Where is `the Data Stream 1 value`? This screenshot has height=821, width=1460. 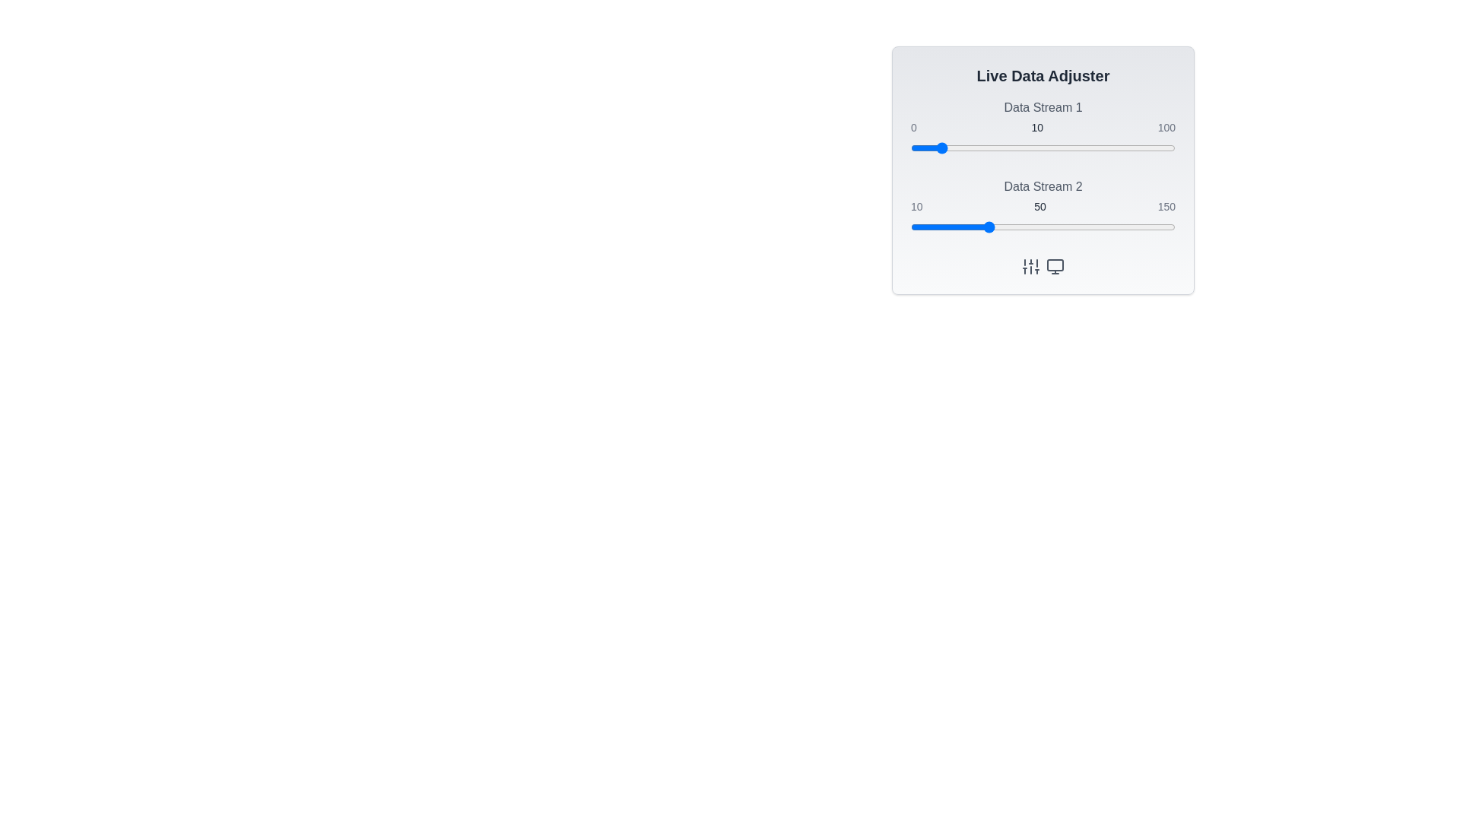
the Data Stream 1 value is located at coordinates (1003, 148).